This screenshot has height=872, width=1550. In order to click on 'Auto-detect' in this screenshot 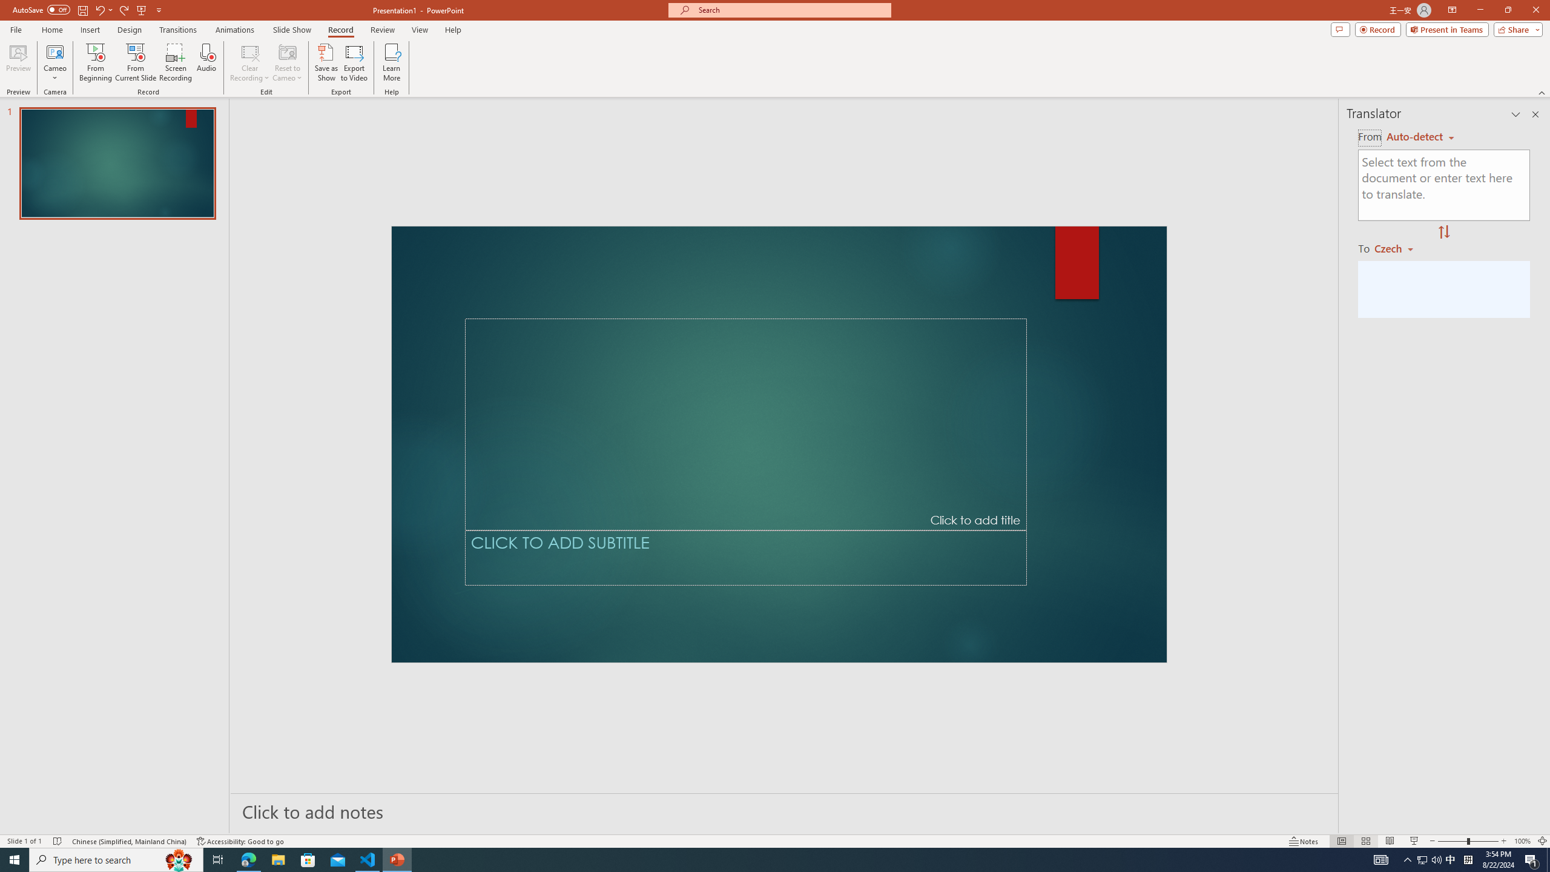, I will do `click(1420, 136)`.